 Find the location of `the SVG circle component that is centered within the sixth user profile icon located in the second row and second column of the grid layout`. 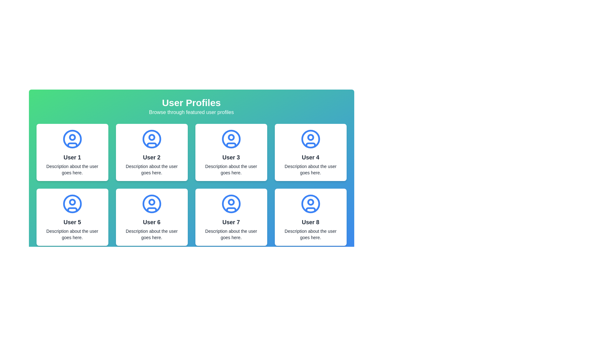

the SVG circle component that is centered within the sixth user profile icon located in the second row and second column of the grid layout is located at coordinates (151, 204).